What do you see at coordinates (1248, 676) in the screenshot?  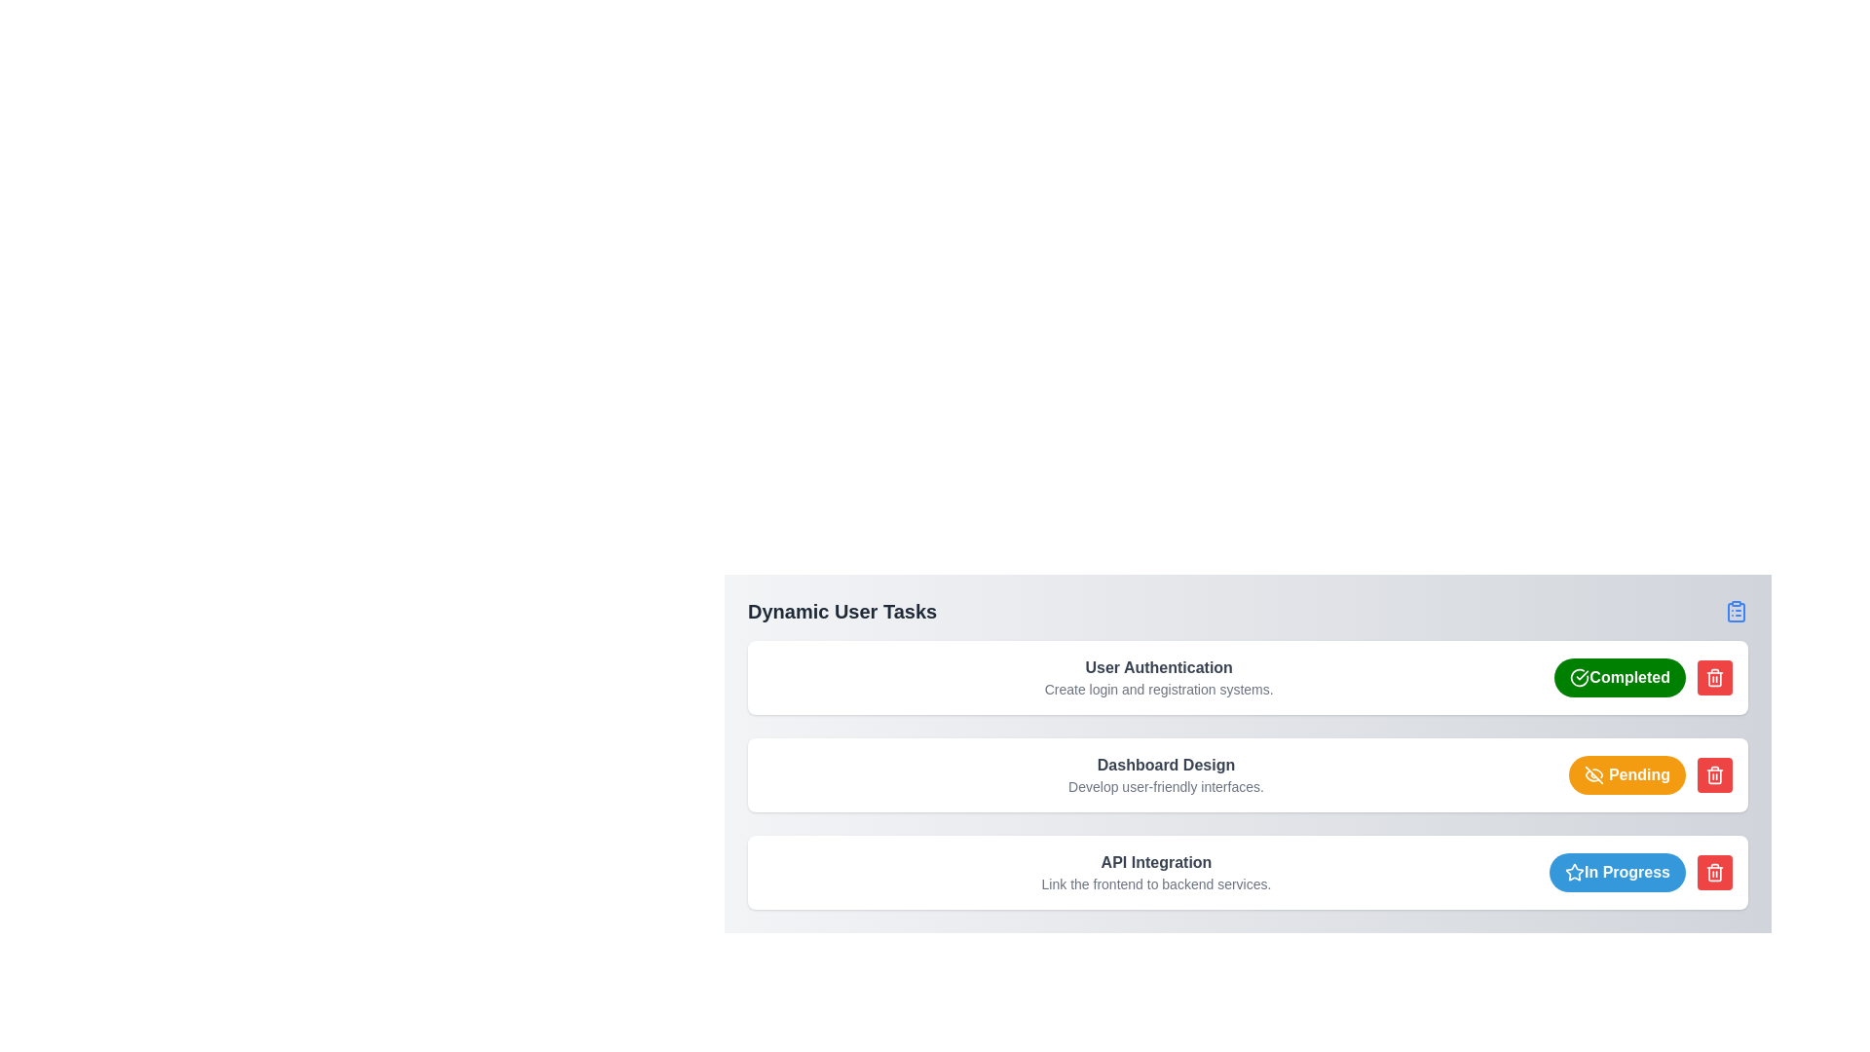 I see `displayed text of the task entry component titled 'User Authentication', which includes the description and status` at bounding box center [1248, 676].